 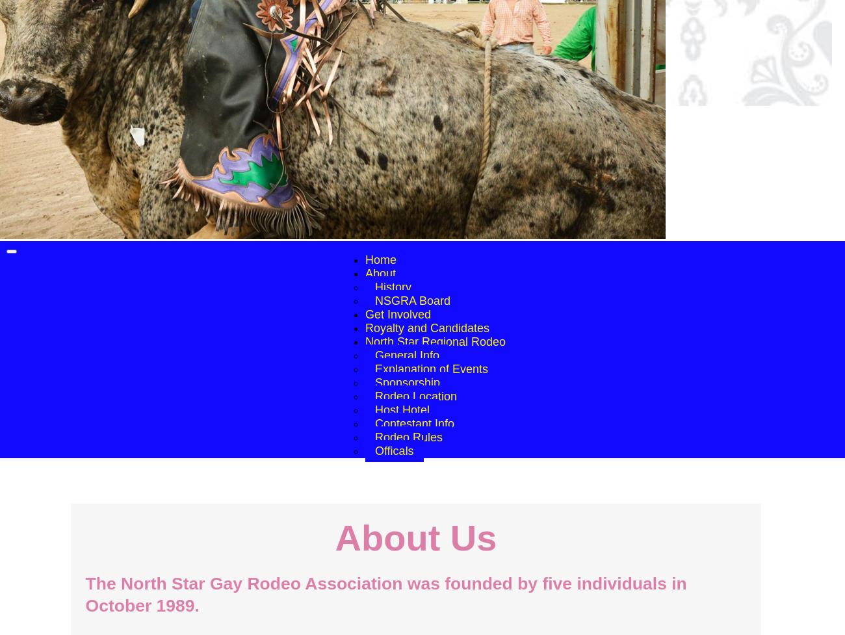 What do you see at coordinates (385, 593) in the screenshot?
I see `'The North Star Gay Rodeo Association was founded by five individuals in October 1989.'` at bounding box center [385, 593].